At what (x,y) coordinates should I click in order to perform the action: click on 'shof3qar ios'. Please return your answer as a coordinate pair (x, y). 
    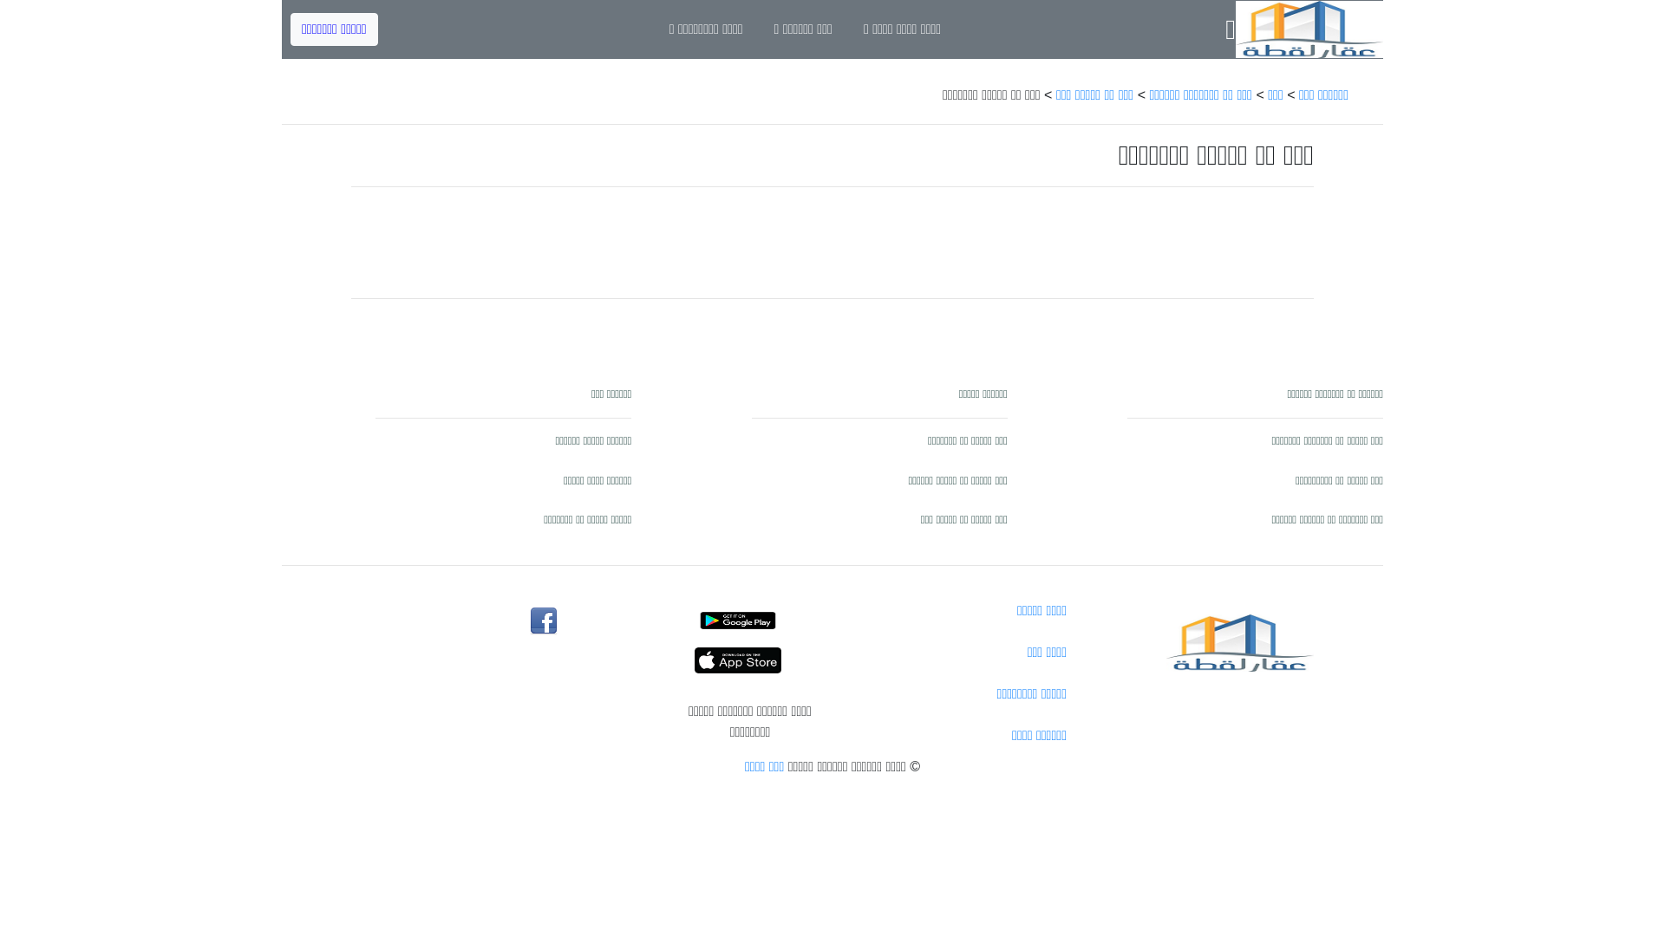
    Looking at the image, I should click on (749, 660).